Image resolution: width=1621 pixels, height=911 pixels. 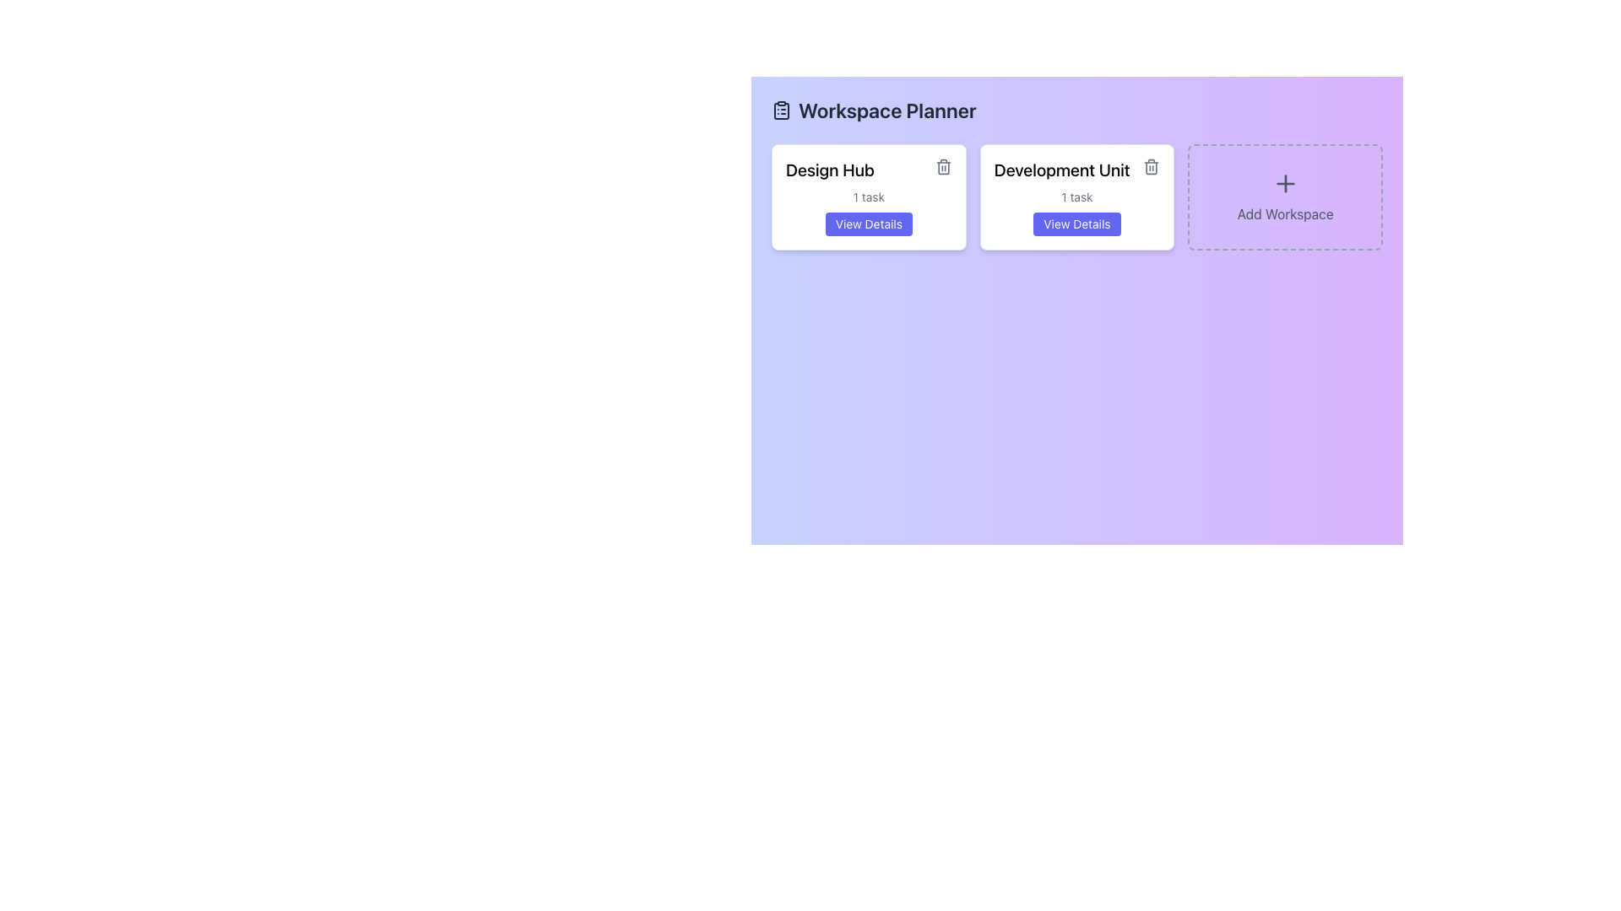 I want to click on the '+' icon within the 'Add Workspace' button, which is centrally placed and represented in a minimal line-art style, so click(x=1284, y=184).